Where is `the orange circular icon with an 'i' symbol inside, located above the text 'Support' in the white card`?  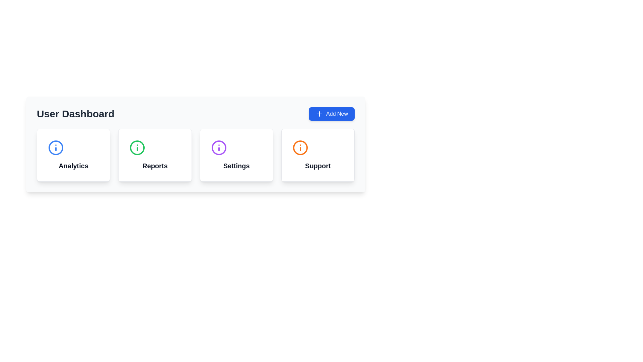 the orange circular icon with an 'i' symbol inside, located above the text 'Support' in the white card is located at coordinates (300, 147).